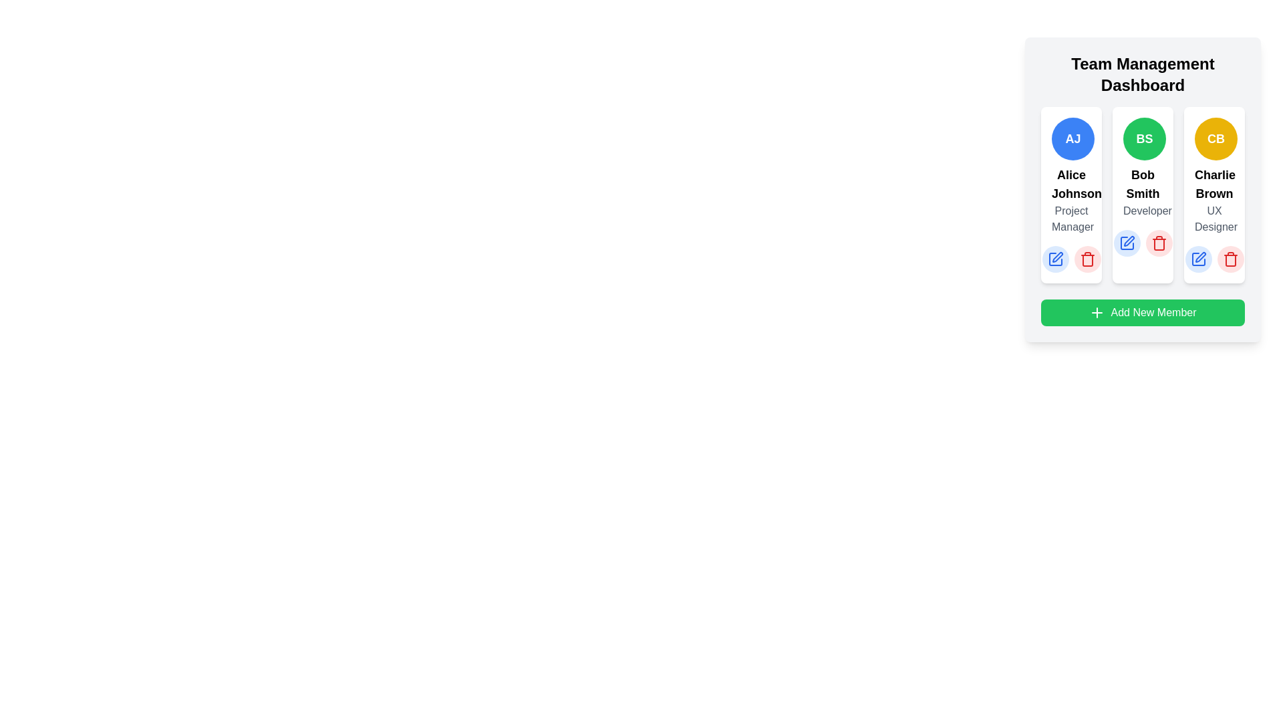  Describe the element at coordinates (1198, 259) in the screenshot. I see `the third edit icon under the profile labeled 'Charlie Brown UX Designer'` at that location.